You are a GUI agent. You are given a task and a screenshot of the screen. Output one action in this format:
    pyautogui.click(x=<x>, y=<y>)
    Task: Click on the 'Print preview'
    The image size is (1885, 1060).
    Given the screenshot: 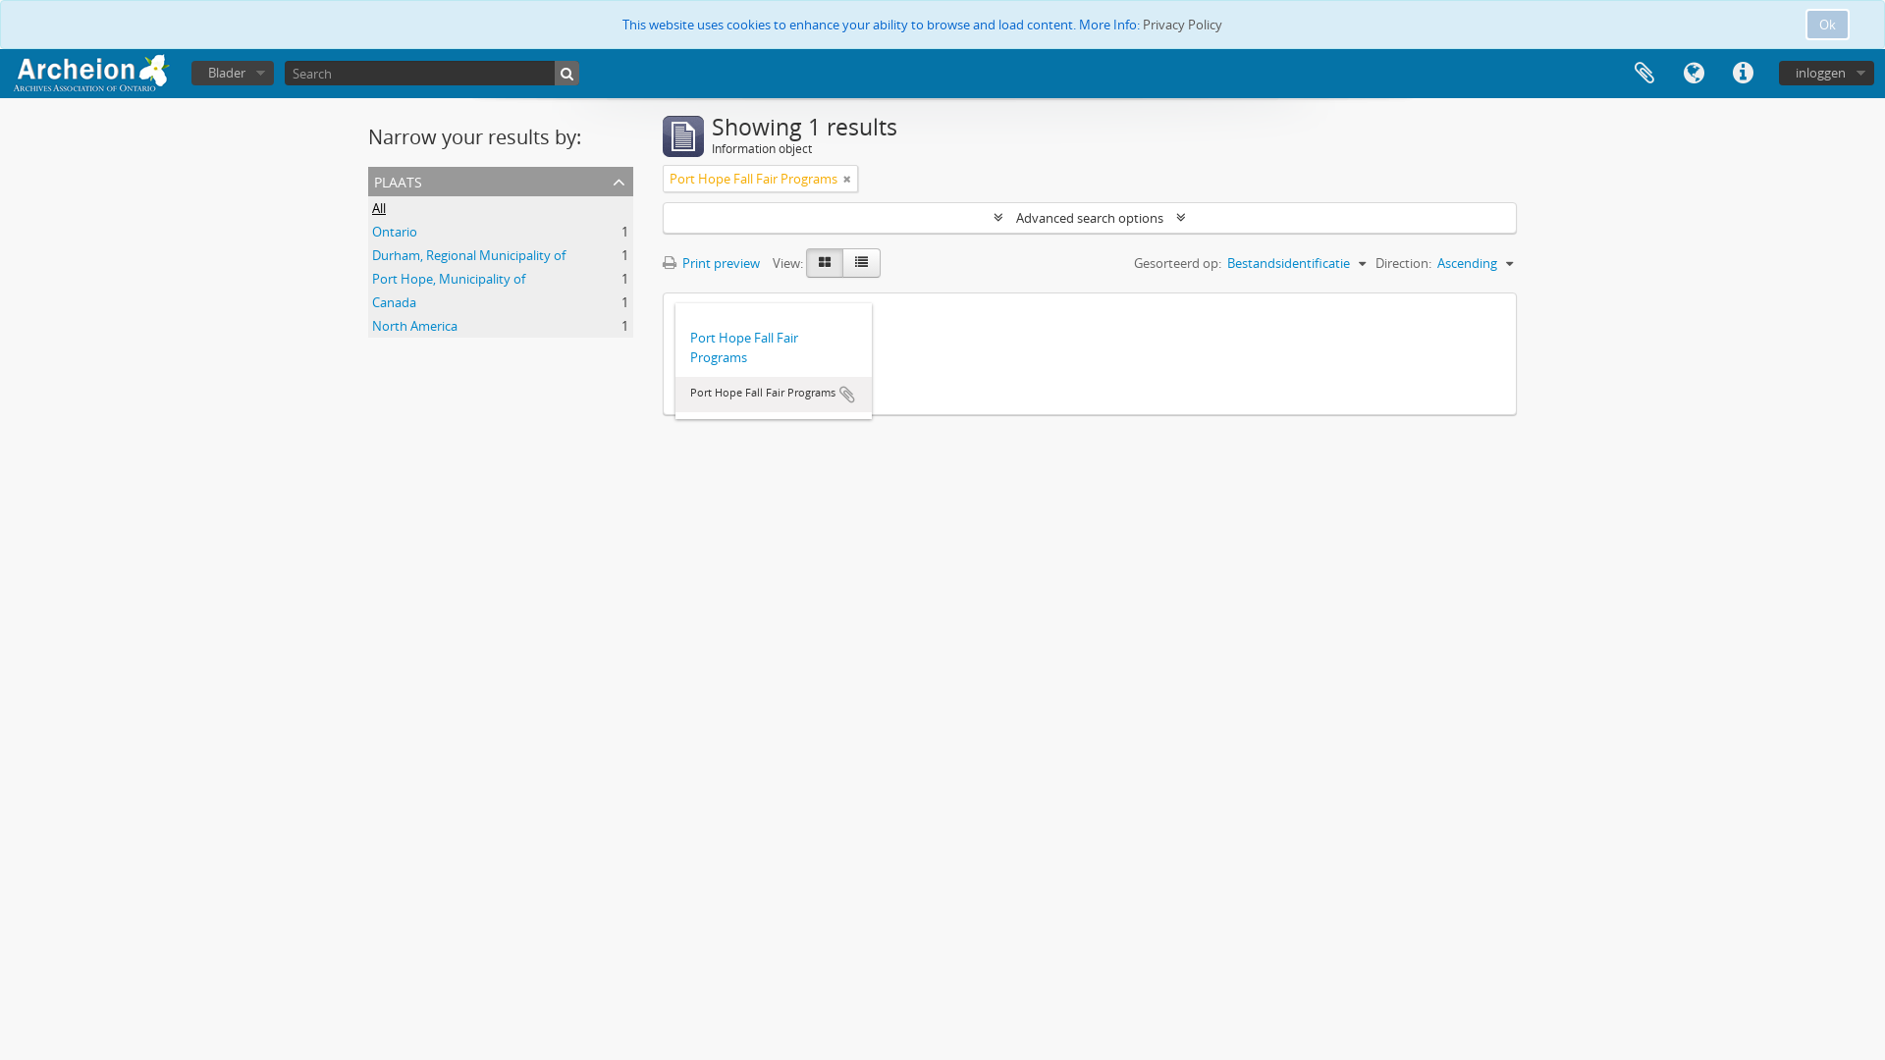 What is the action you would take?
    pyautogui.click(x=715, y=261)
    